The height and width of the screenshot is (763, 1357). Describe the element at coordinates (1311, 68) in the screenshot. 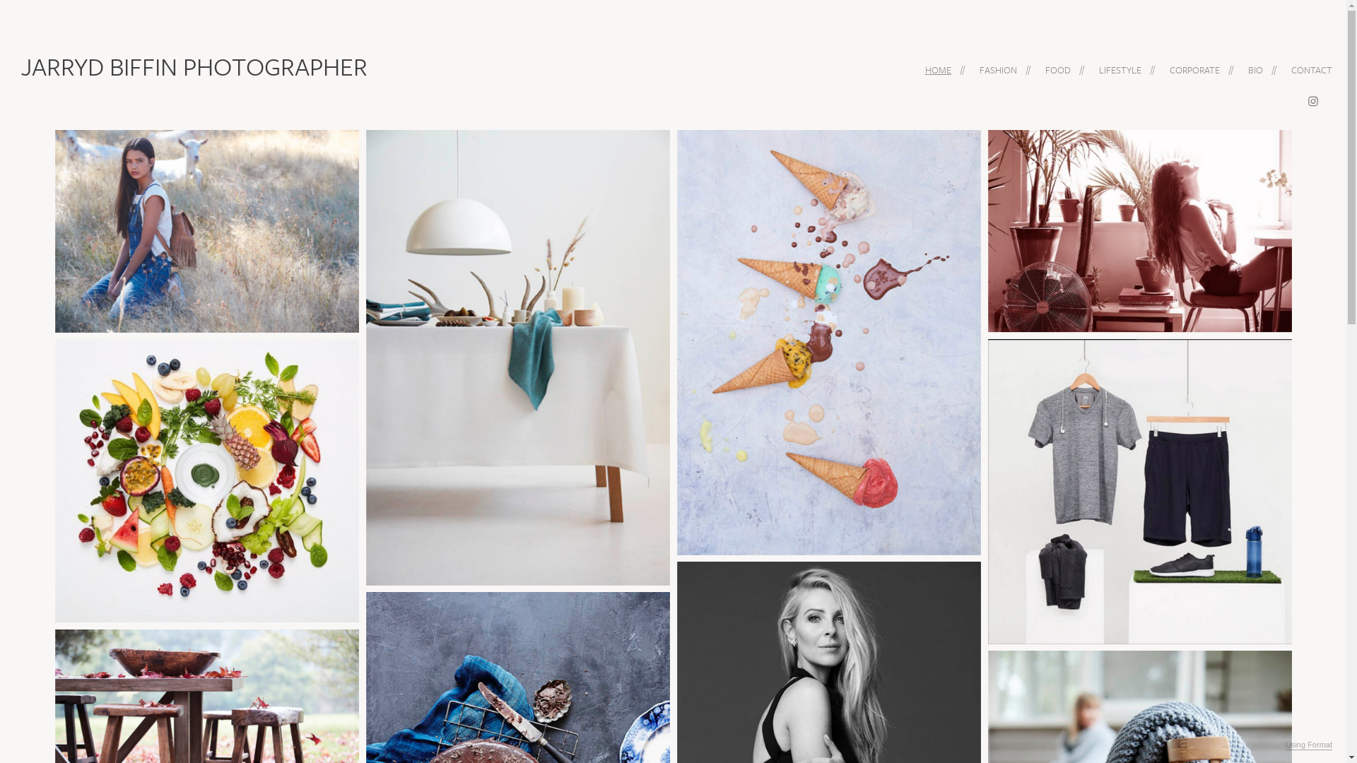

I see `'CONTACT'` at that location.